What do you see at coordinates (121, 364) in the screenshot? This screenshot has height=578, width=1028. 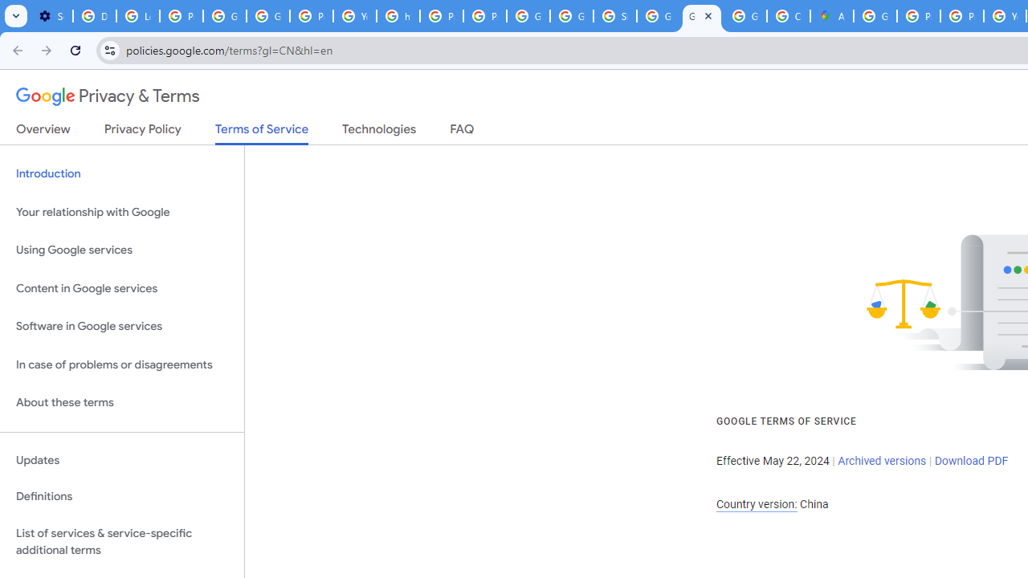 I see `'In case of problems or disagreements'` at bounding box center [121, 364].